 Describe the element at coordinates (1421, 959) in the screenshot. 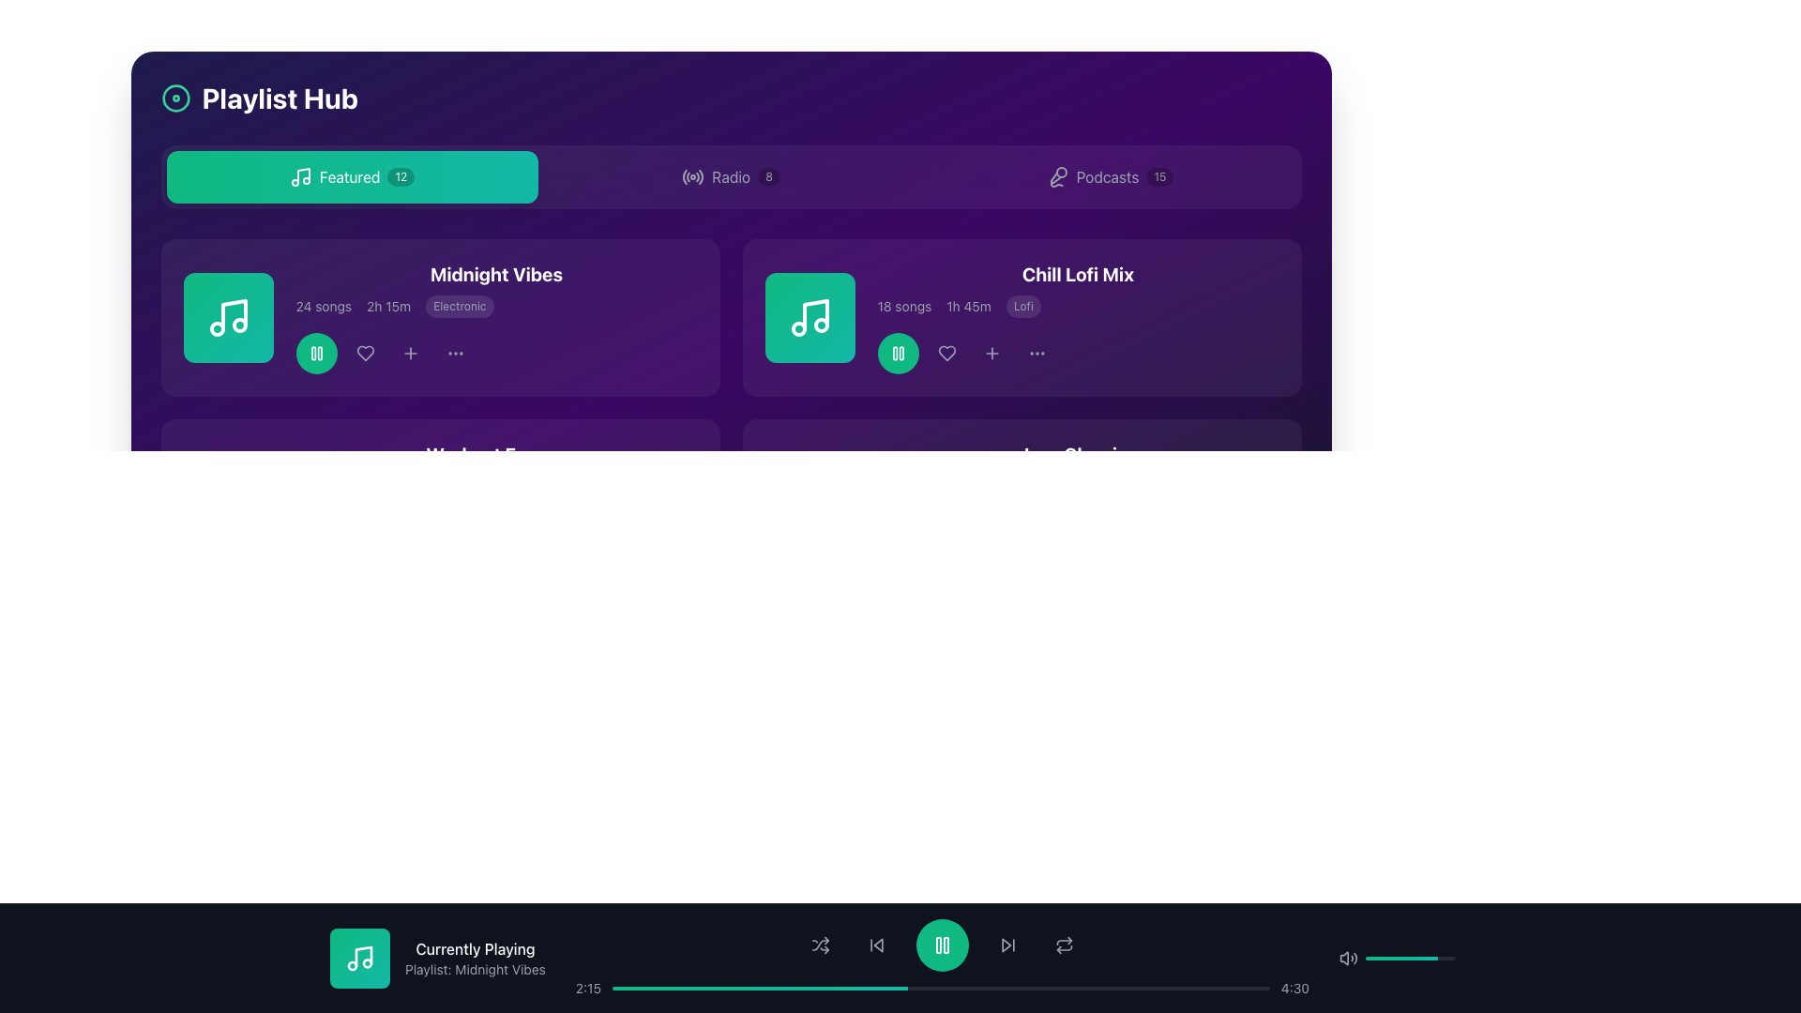

I see `the slider` at that location.